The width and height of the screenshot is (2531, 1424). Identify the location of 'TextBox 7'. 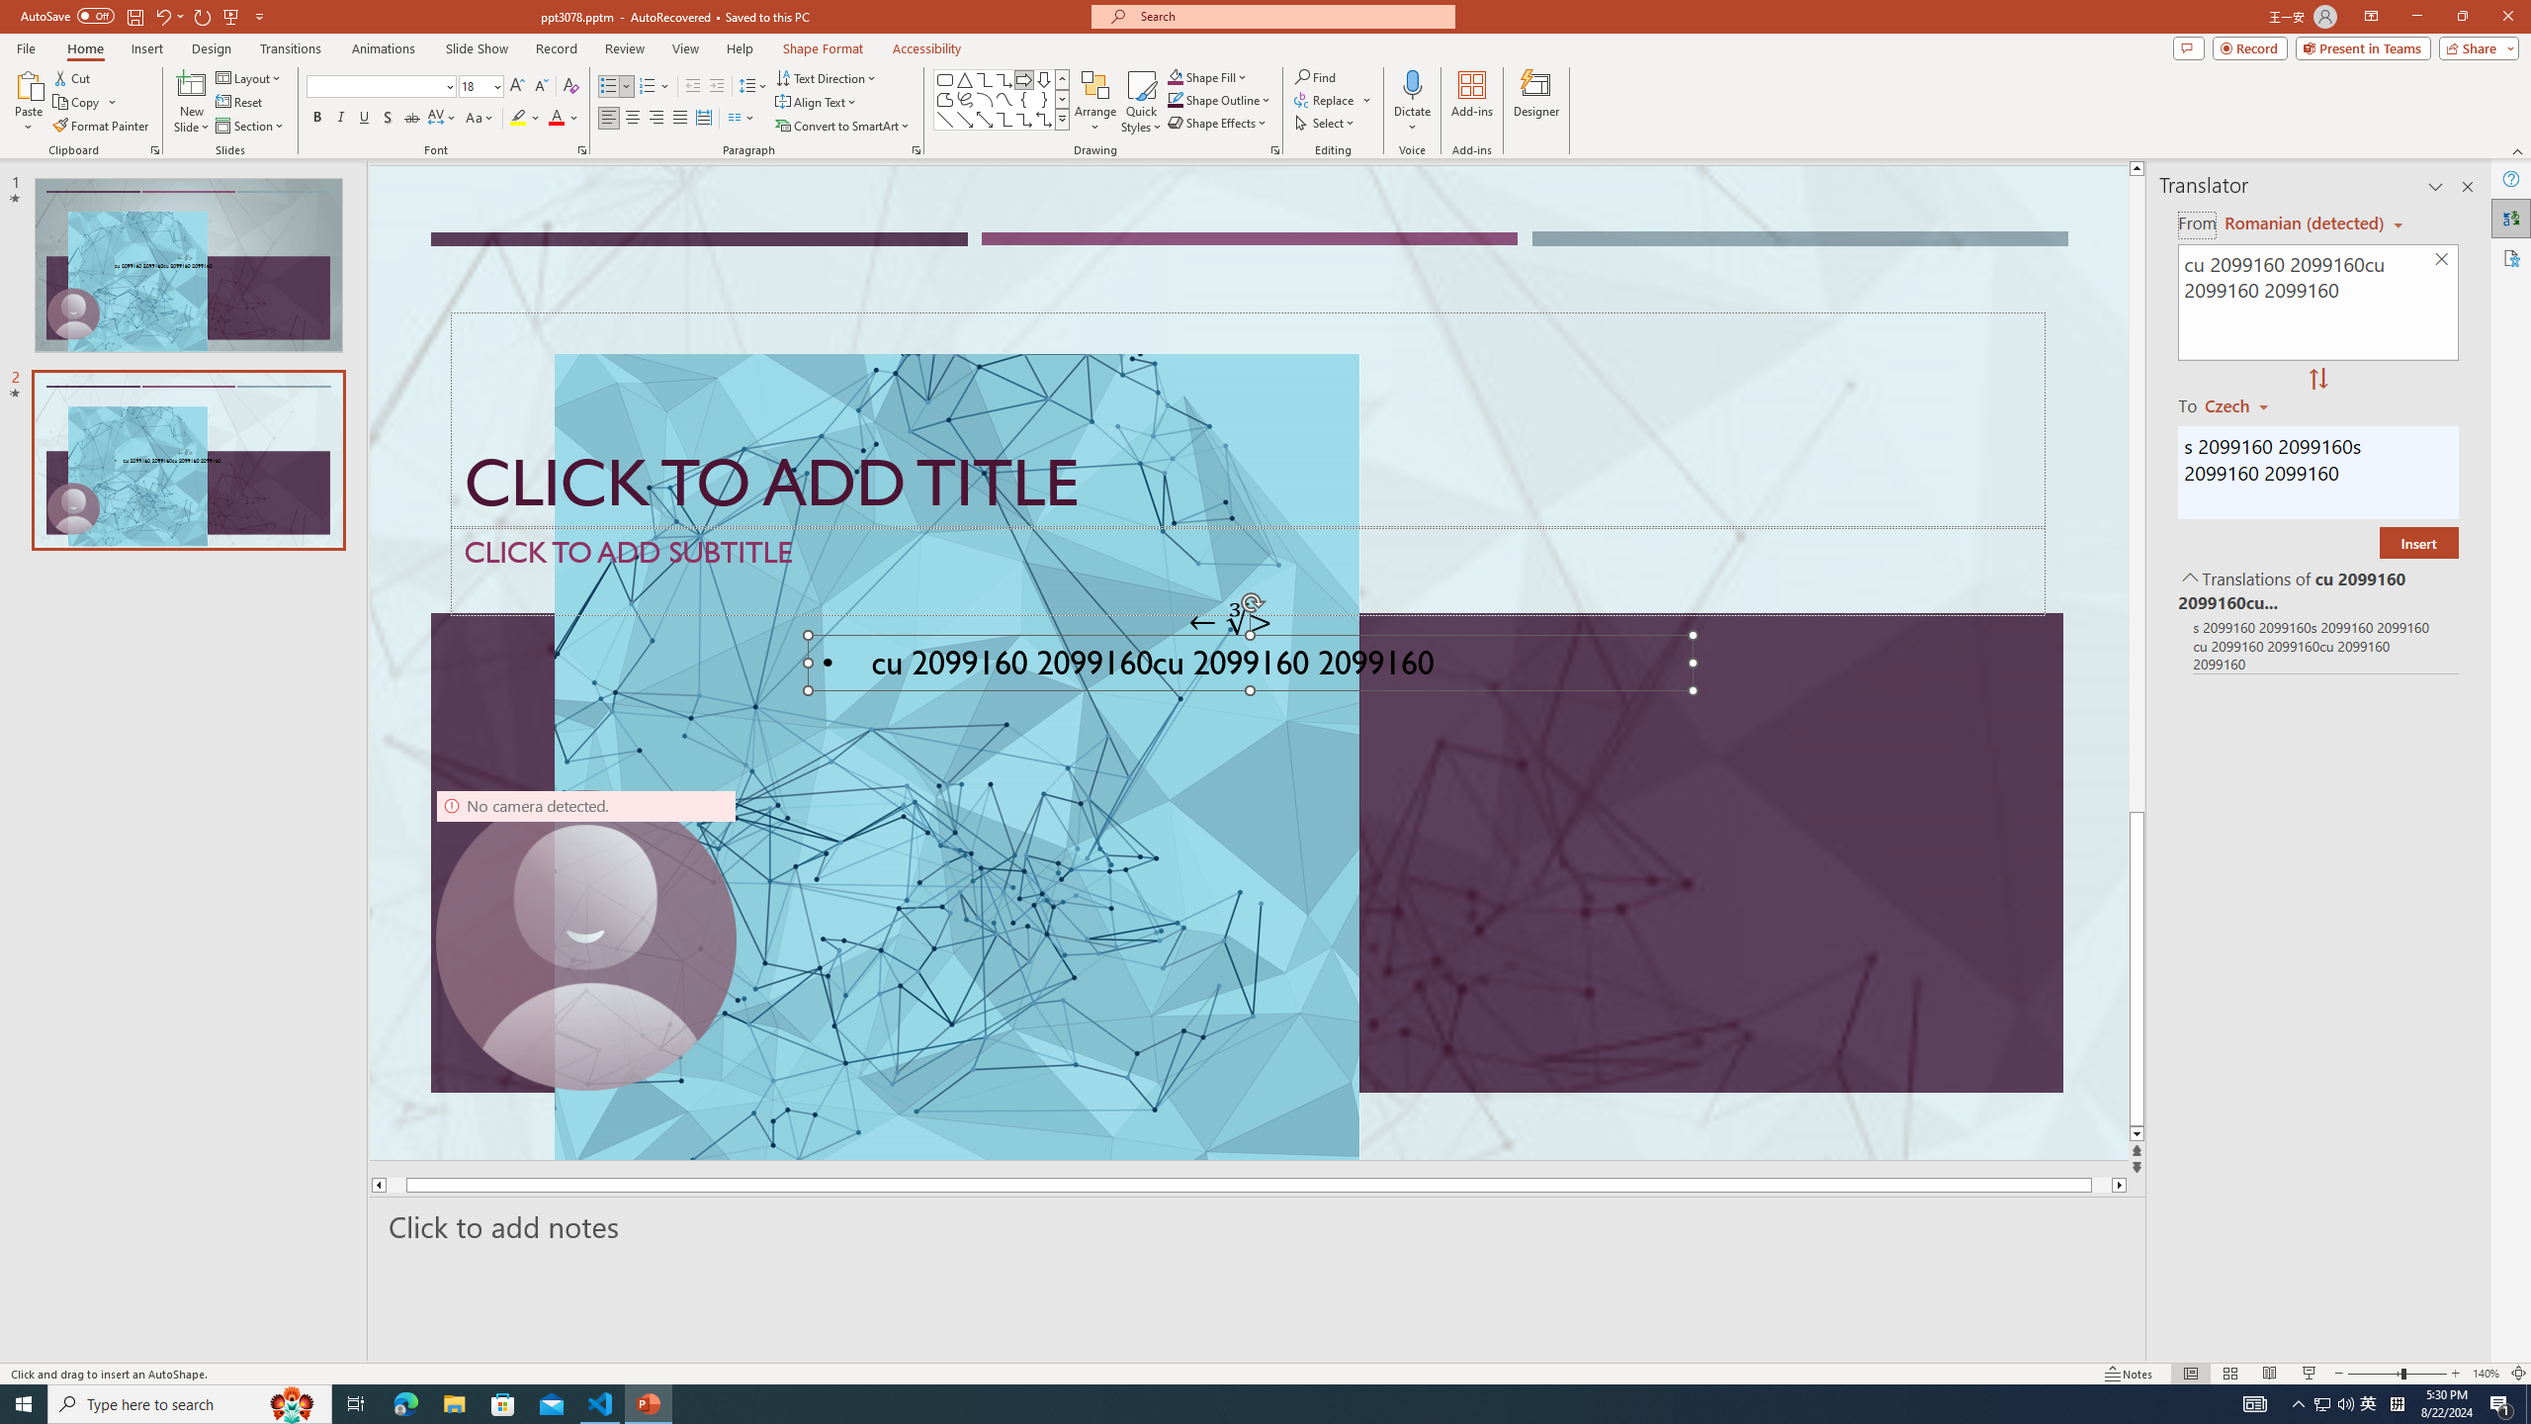
(1230, 621).